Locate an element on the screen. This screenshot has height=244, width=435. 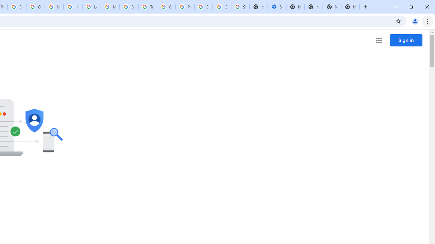
'New Tab' is located at coordinates (350, 7).